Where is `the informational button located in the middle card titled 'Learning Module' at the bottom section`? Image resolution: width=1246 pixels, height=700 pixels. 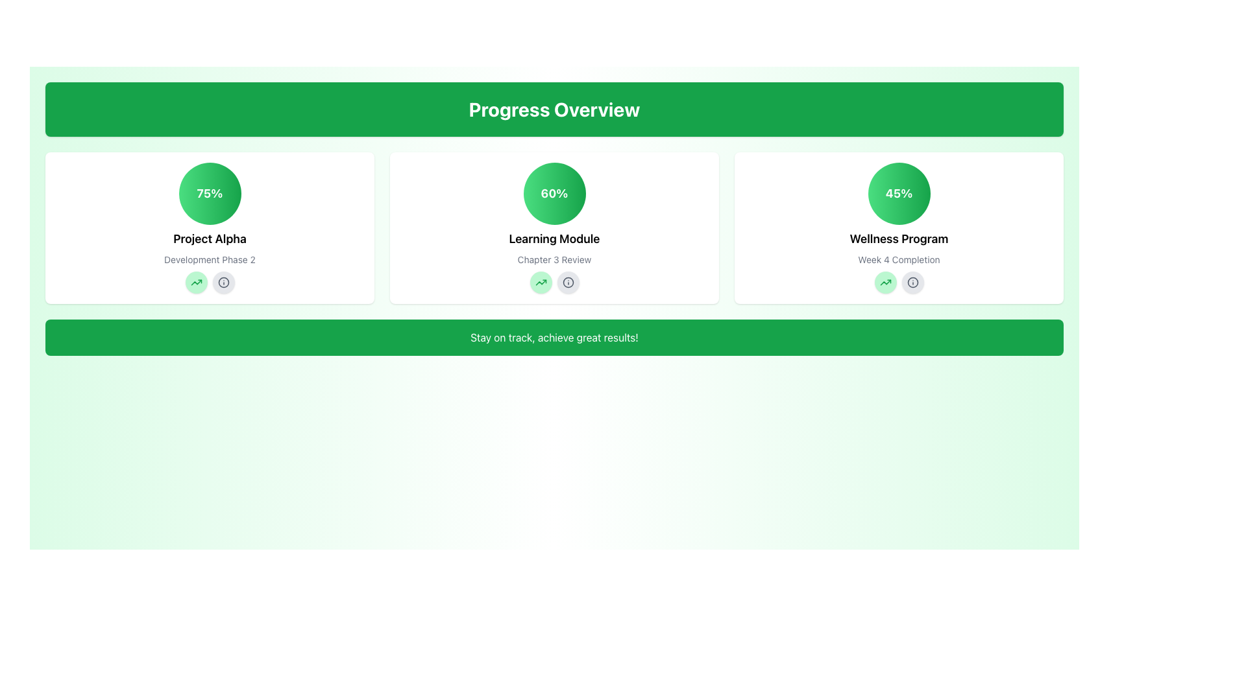 the informational button located in the middle card titled 'Learning Module' at the bottom section is located at coordinates (568, 281).